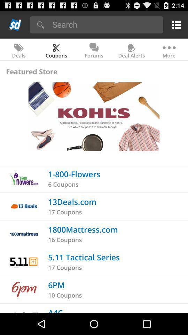  I want to click on 6pm, so click(56, 285).